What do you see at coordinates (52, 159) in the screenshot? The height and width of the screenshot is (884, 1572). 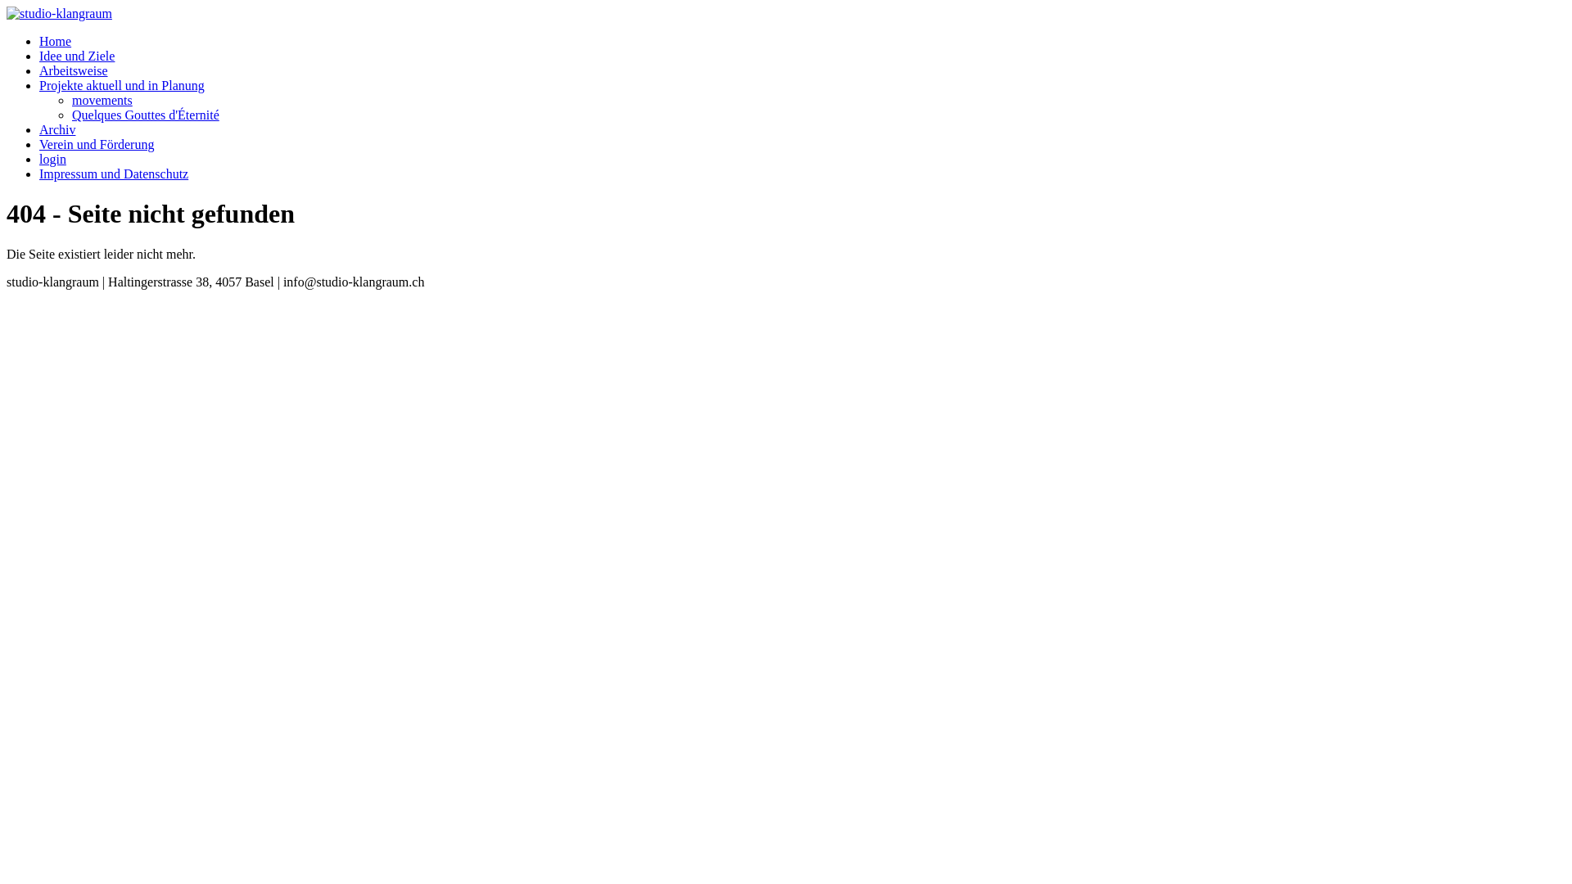 I see `'login'` at bounding box center [52, 159].